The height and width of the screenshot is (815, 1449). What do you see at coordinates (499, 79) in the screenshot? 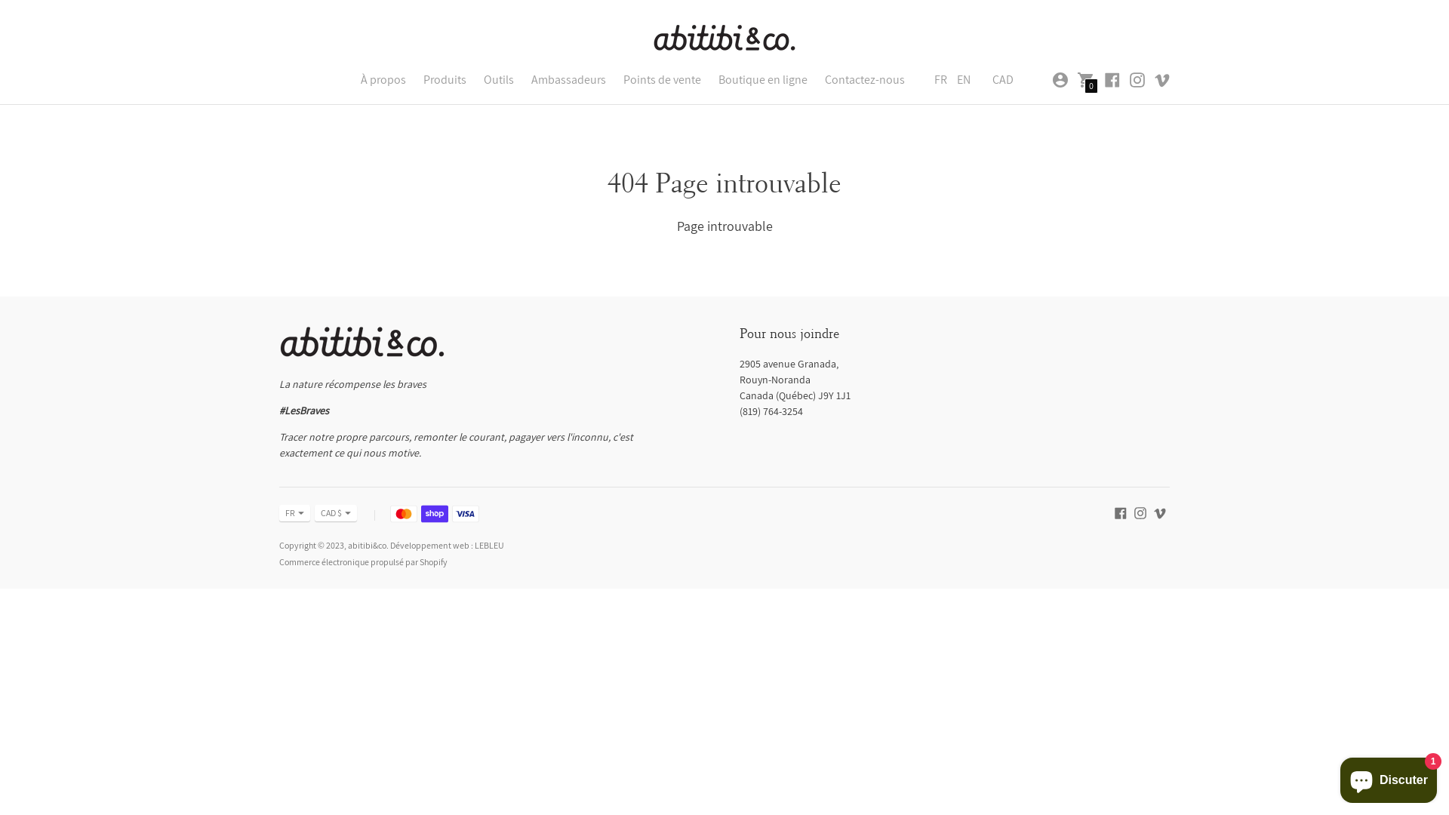
I see `'Outils'` at bounding box center [499, 79].